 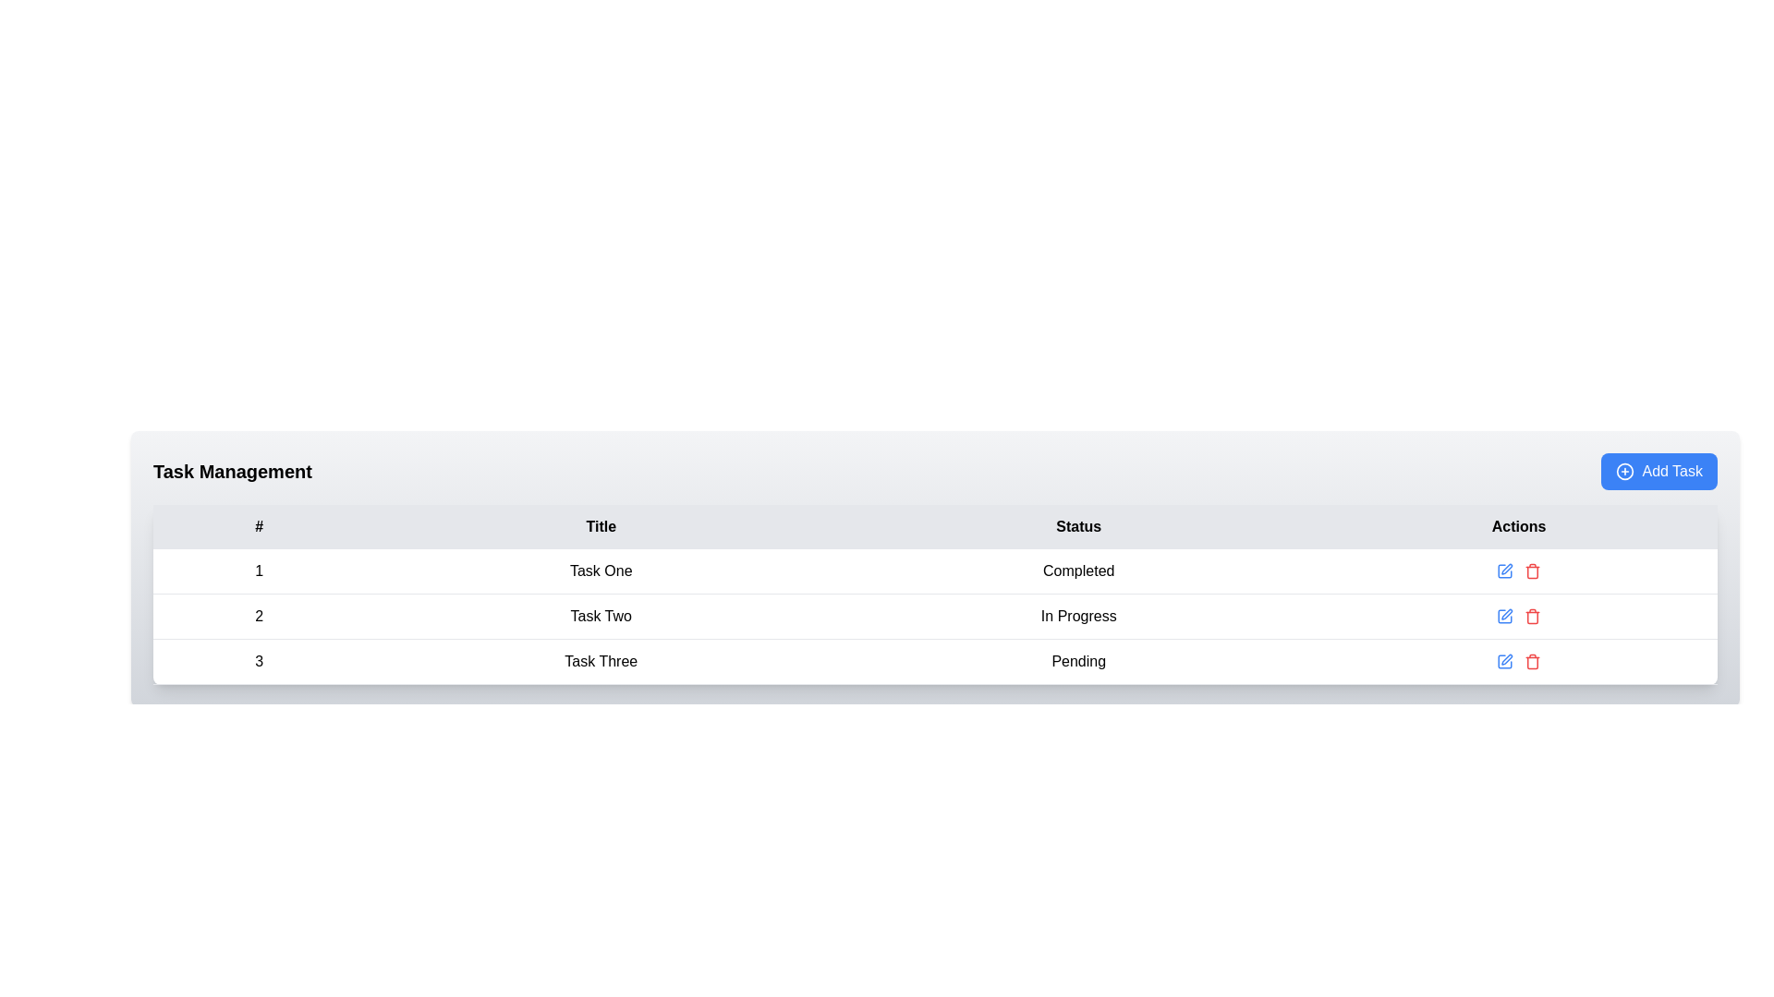 What do you see at coordinates (258, 526) in the screenshot?
I see `the static text label that serves as the header for the first column of the table, which is located in the top left quadrant of the table layout` at bounding box center [258, 526].